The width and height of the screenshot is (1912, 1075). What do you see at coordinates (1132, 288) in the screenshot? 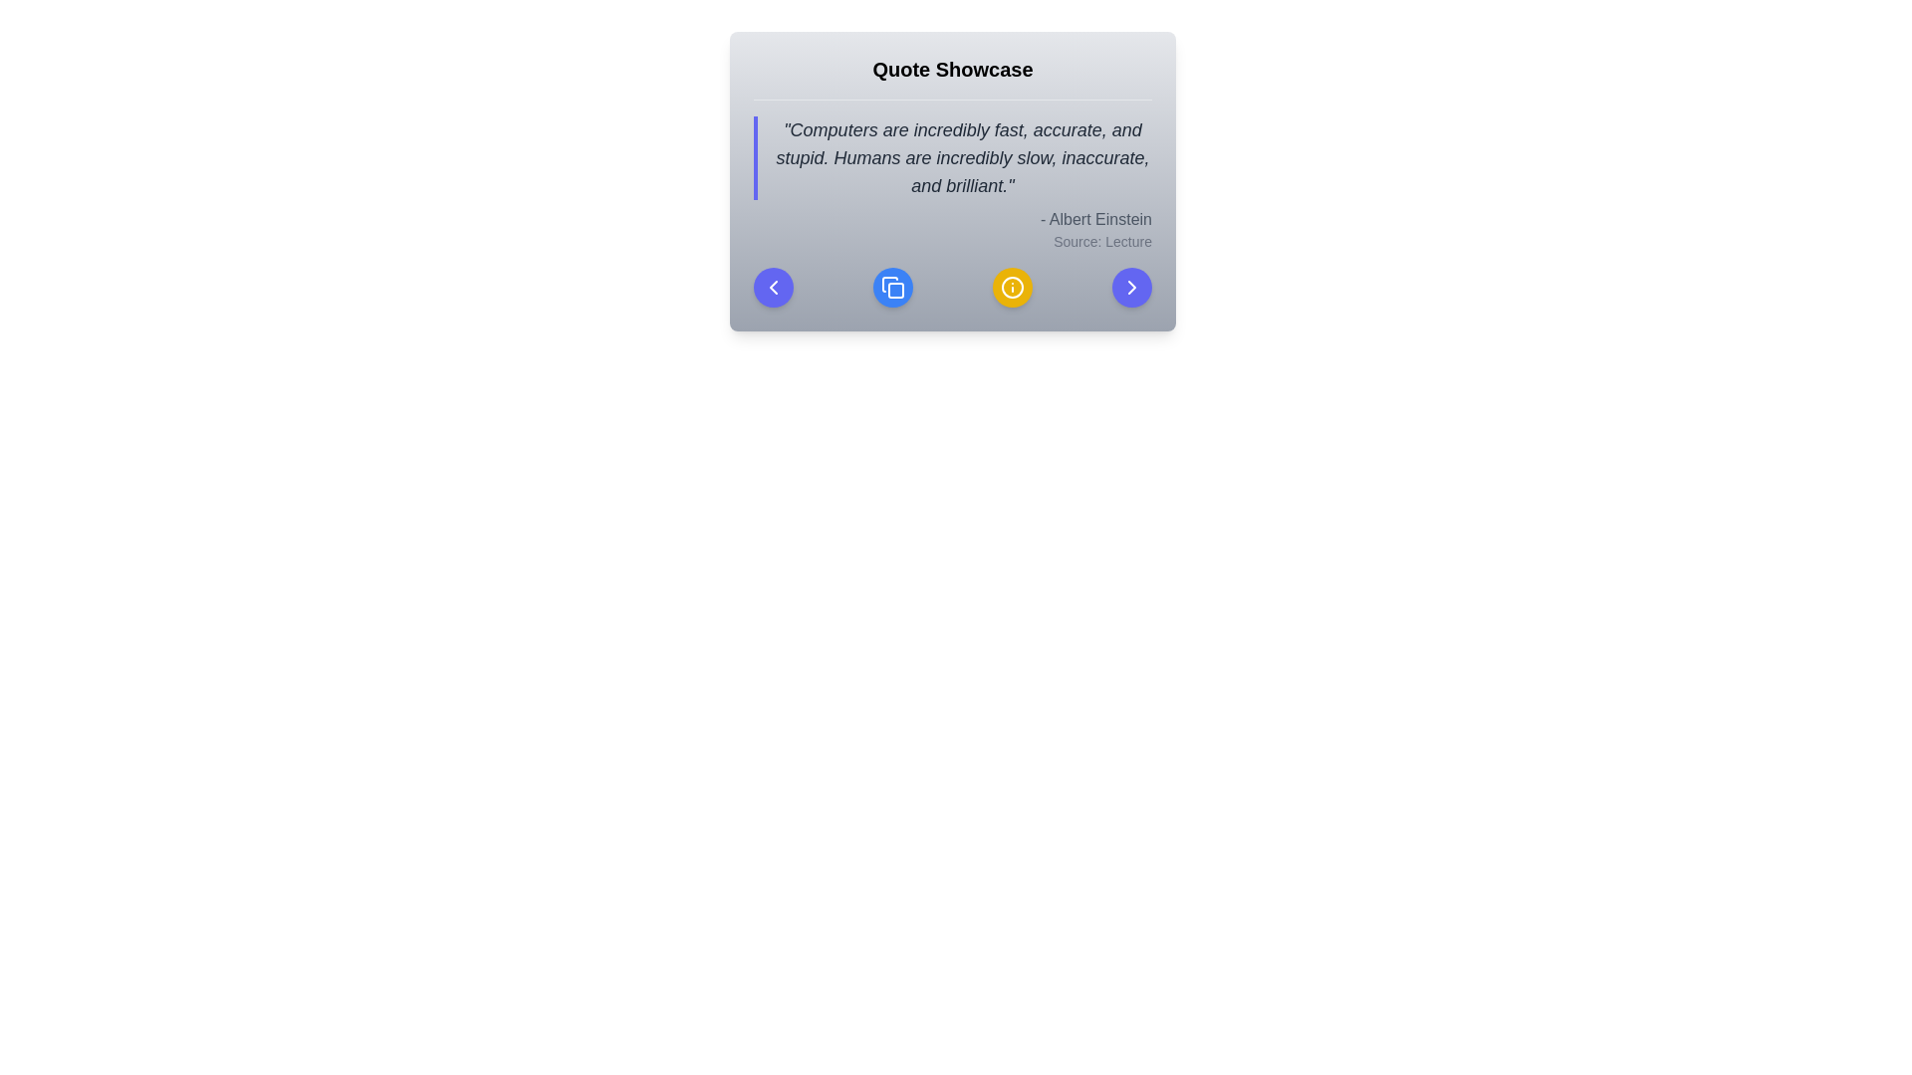
I see `the fourth button on the far right side of the button row` at bounding box center [1132, 288].